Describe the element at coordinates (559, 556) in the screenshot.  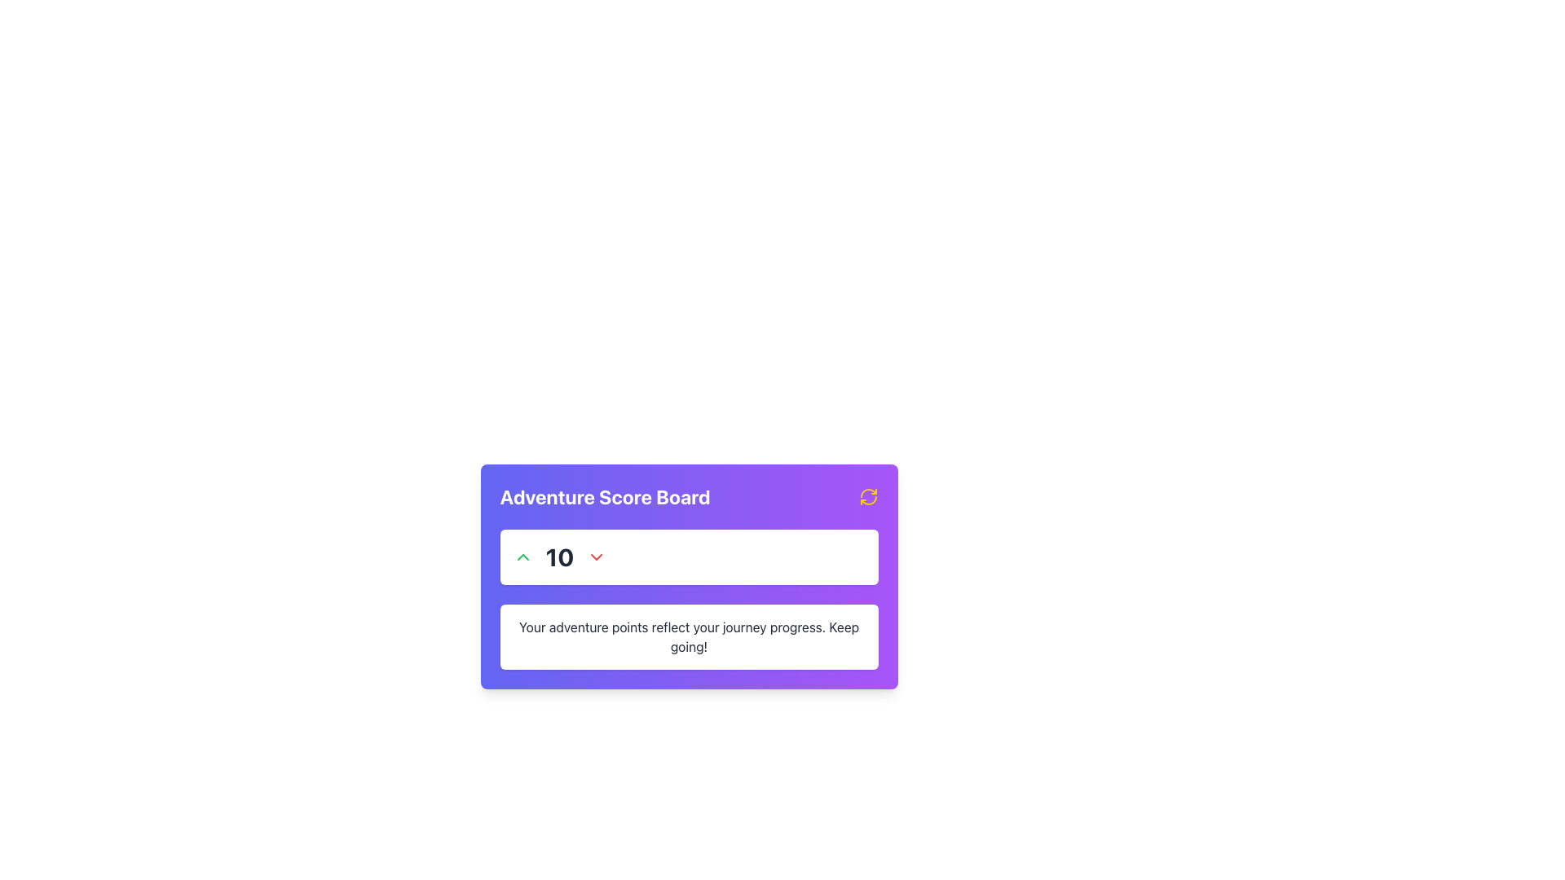
I see `the text display element that shows a score or numeric value, positioned centrally between the green upward arrow and the red downward arrow` at that location.